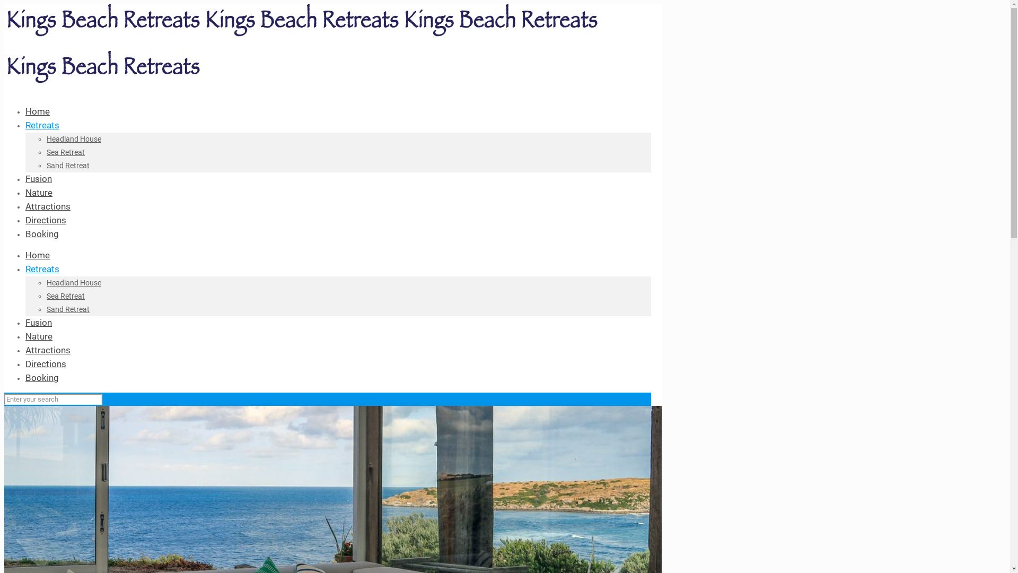 The width and height of the screenshot is (1018, 573). Describe the element at coordinates (45, 363) in the screenshot. I see `'Directions'` at that location.